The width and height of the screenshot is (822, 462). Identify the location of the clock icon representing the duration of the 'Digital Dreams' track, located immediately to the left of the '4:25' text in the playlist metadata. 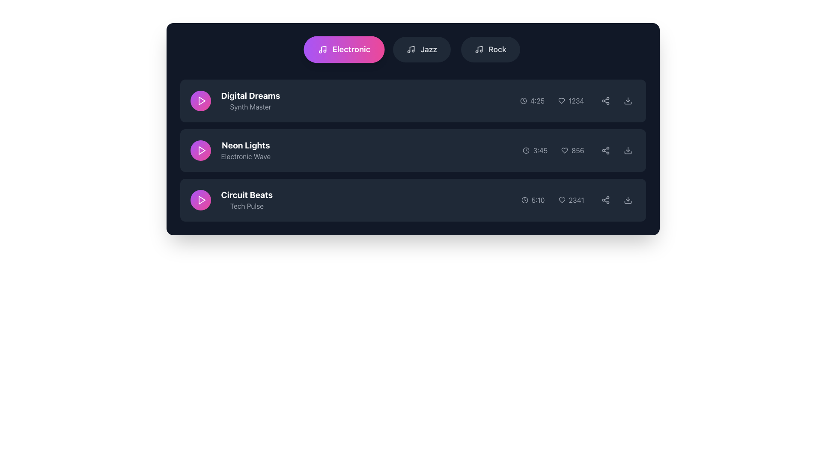
(523, 100).